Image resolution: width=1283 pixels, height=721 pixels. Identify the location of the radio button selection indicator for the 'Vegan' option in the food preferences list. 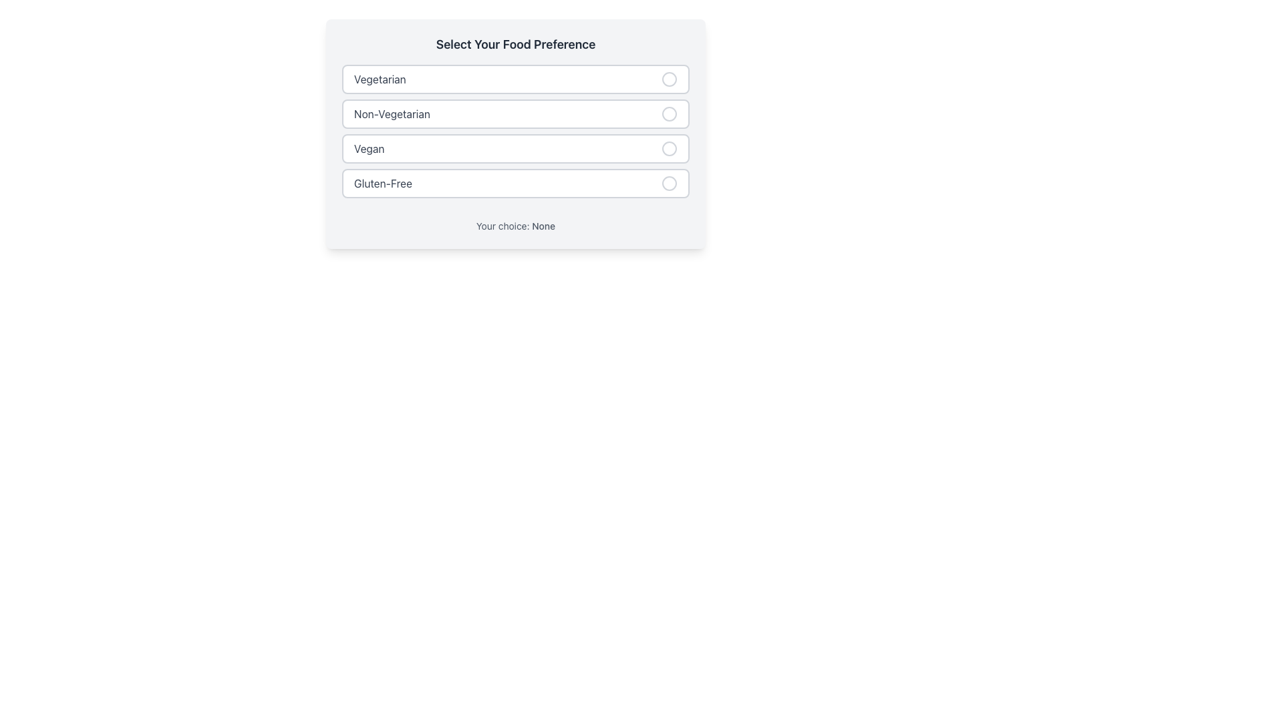
(670, 149).